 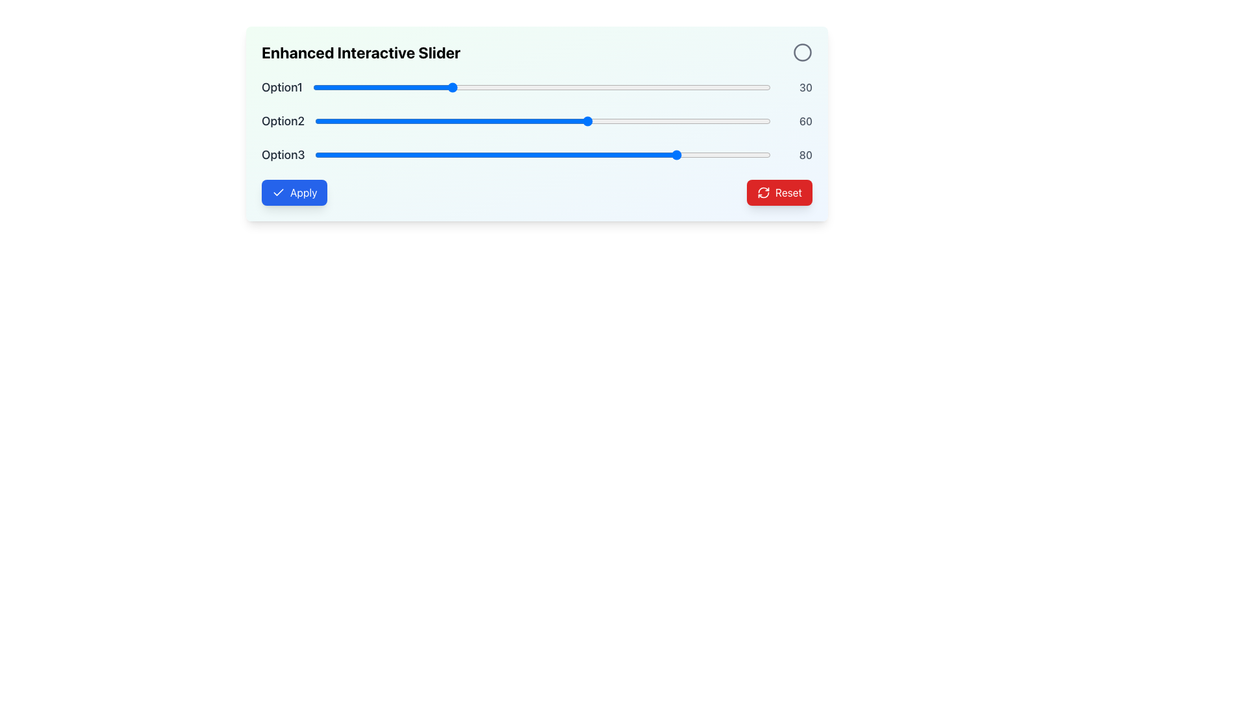 I want to click on the value of the slider, so click(x=761, y=88).